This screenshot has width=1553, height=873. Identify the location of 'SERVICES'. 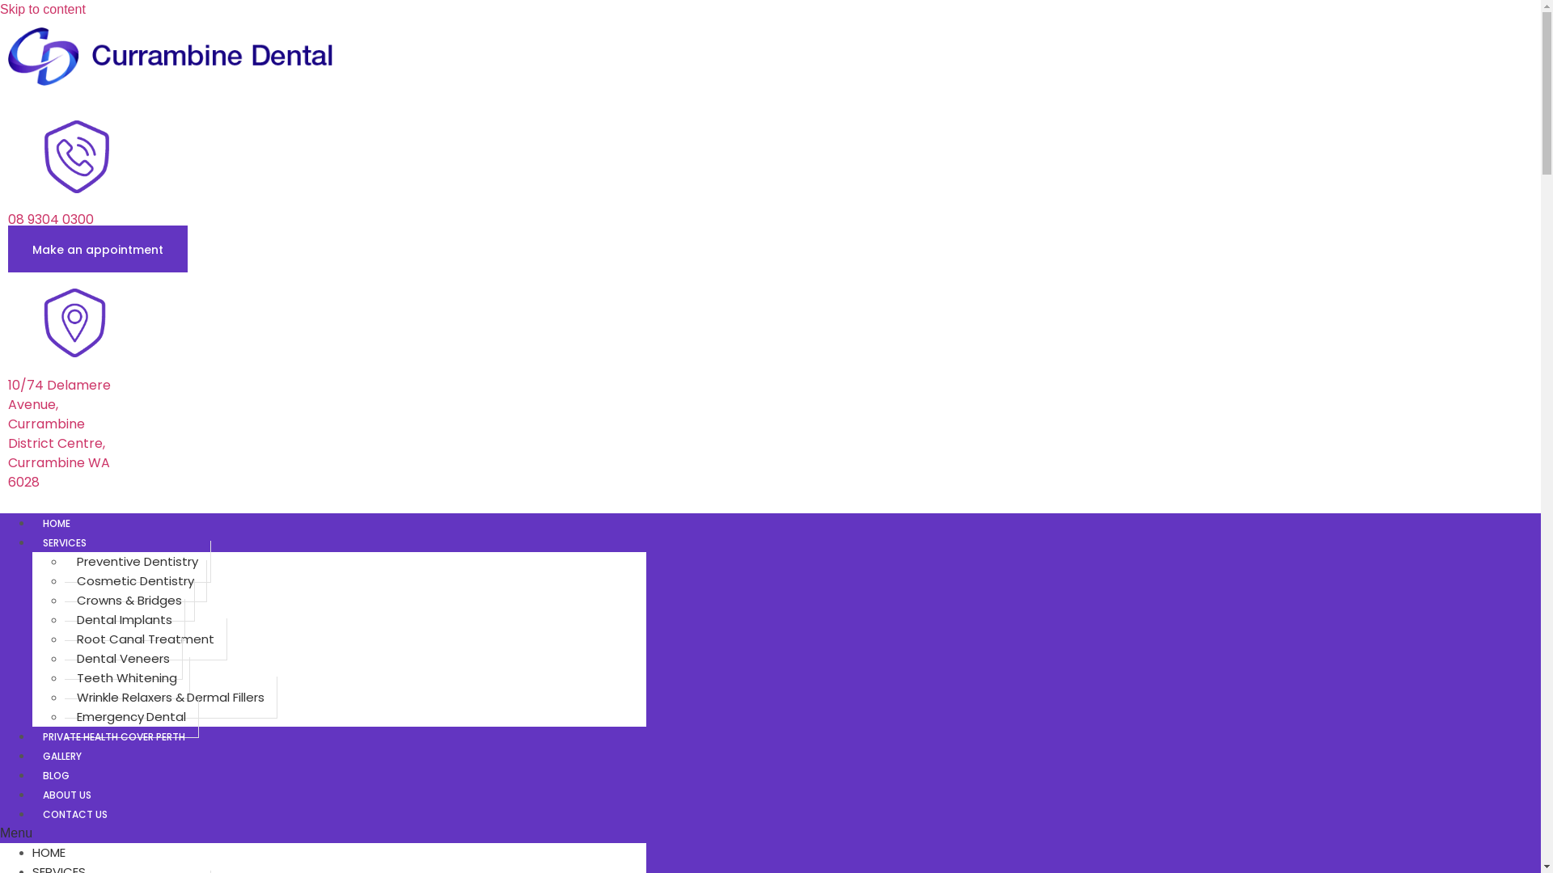
(65, 541).